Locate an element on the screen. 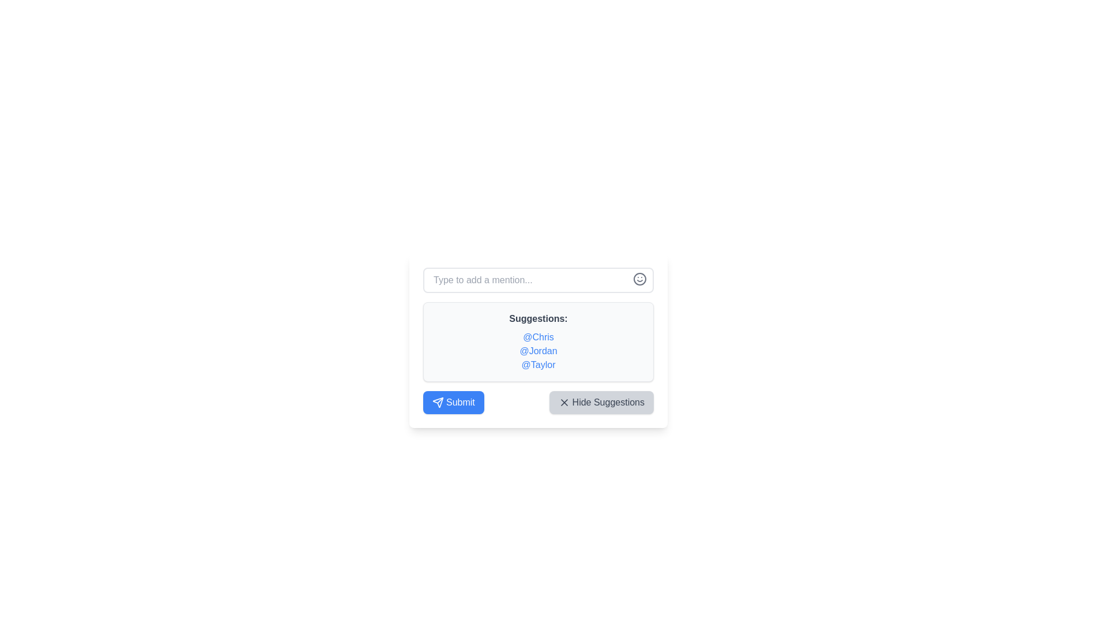 The image size is (1107, 623). the clickable text link '@Jordan' to visualize the underline effect, which is the second item in the suggestion dropdown for tagging purposes is located at coordinates (538, 351).